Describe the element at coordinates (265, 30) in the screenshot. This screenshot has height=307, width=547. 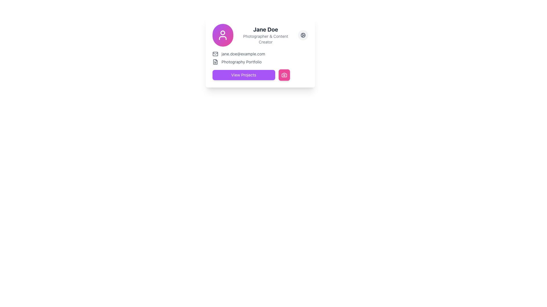
I see `text label displaying 'Jane Doe' in bold font located at the top-center section of the profile information card` at that location.